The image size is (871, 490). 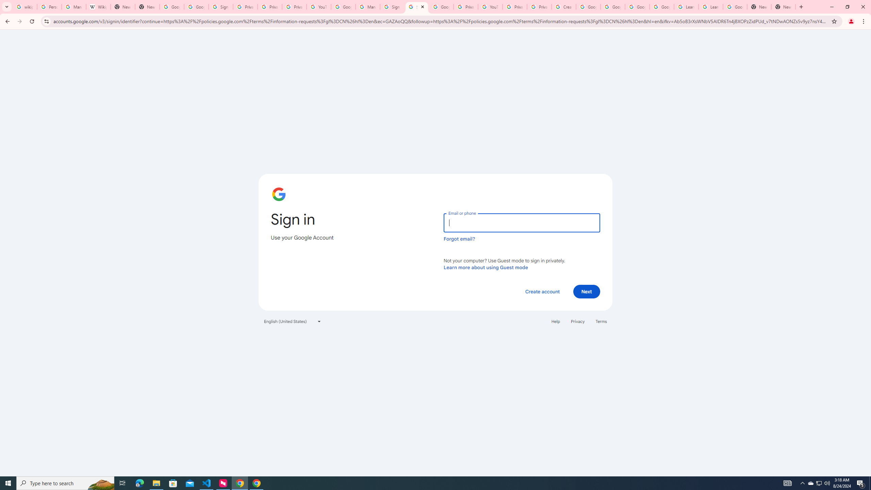 I want to click on 'Google Account', so click(x=735, y=6).